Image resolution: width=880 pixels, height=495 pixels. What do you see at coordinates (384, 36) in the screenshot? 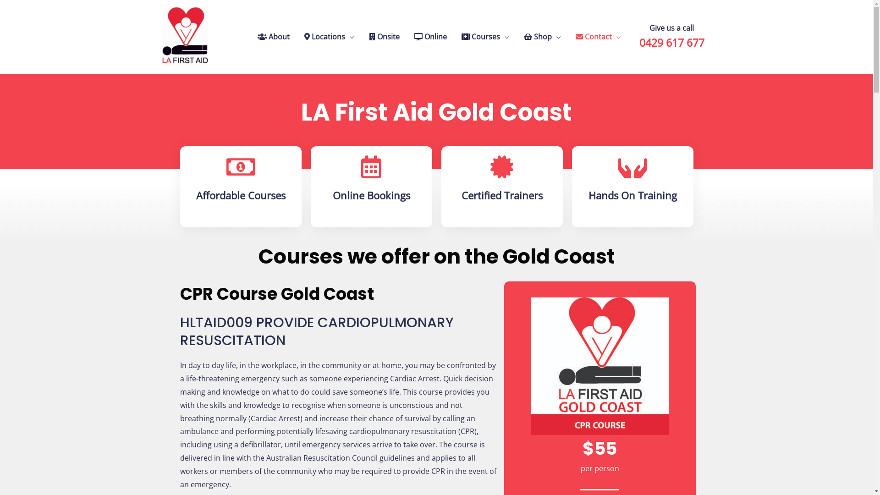
I see `'Onsite'` at bounding box center [384, 36].